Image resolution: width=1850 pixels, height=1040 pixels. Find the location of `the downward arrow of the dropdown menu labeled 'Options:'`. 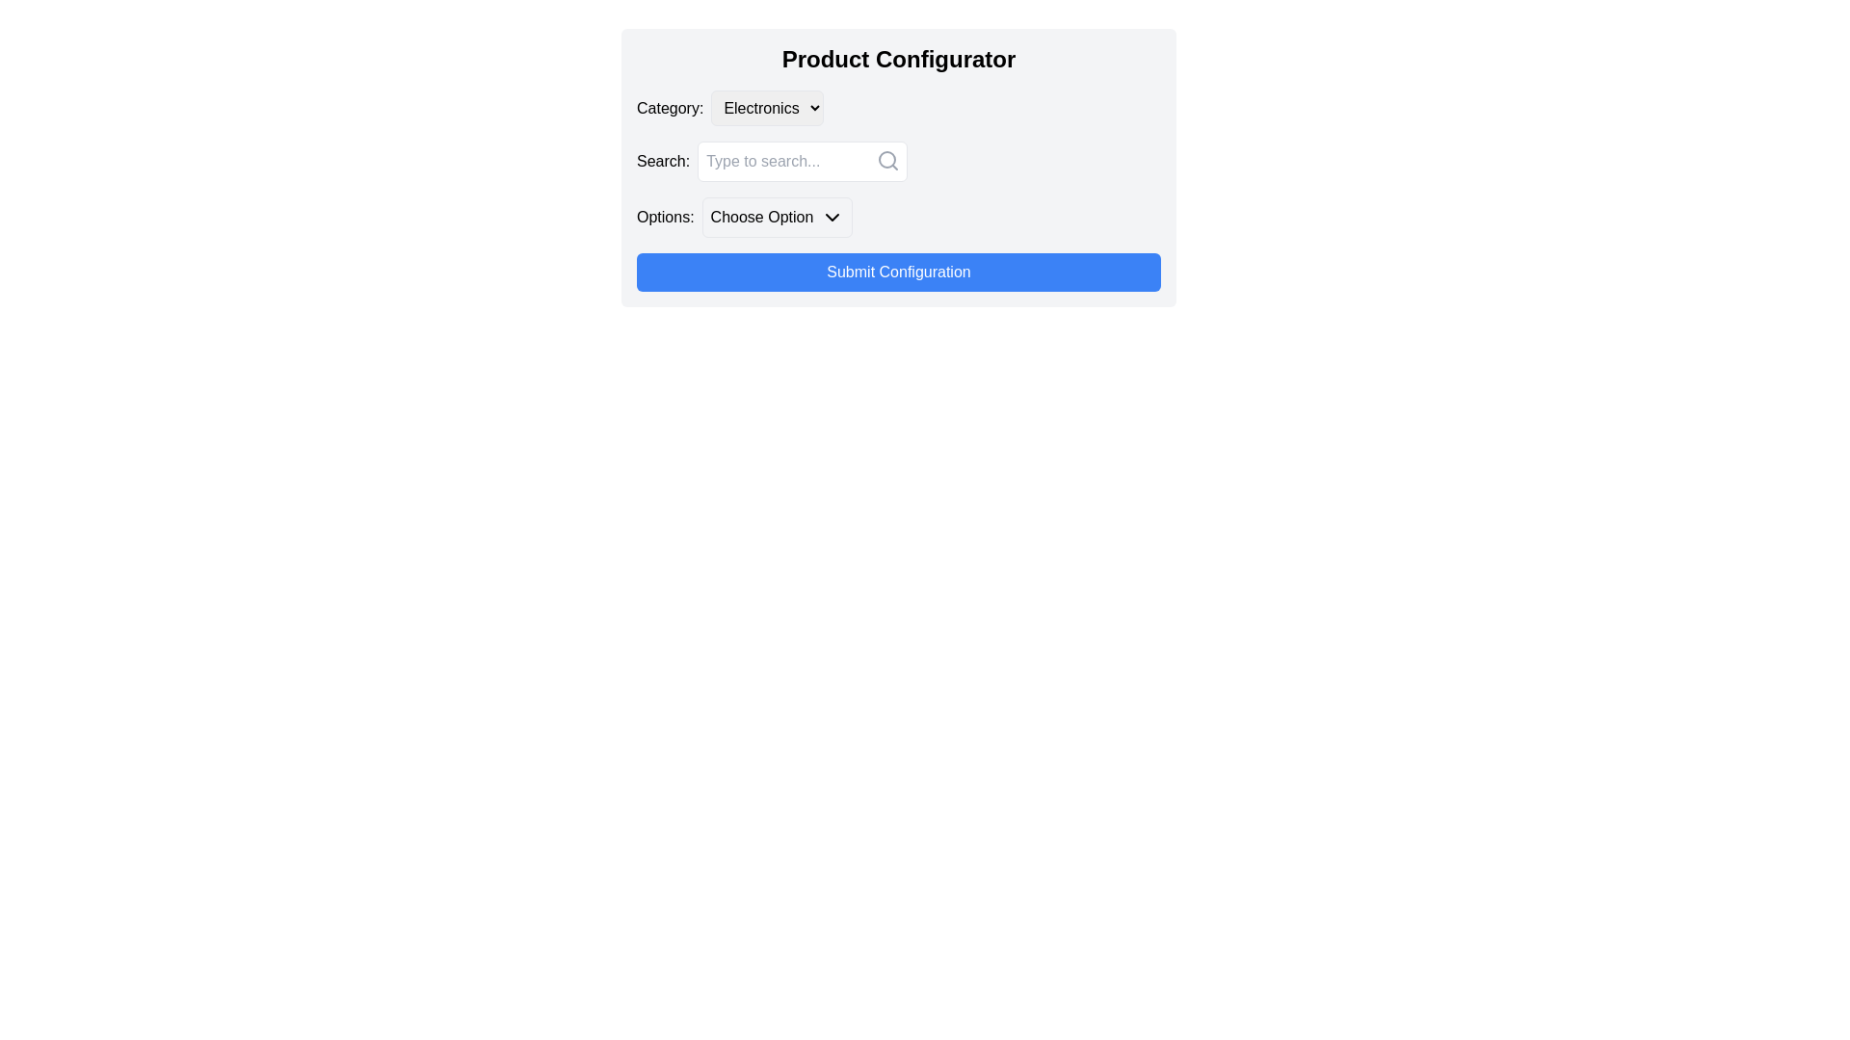

the downward arrow of the dropdown menu labeled 'Options:' is located at coordinates (897, 217).